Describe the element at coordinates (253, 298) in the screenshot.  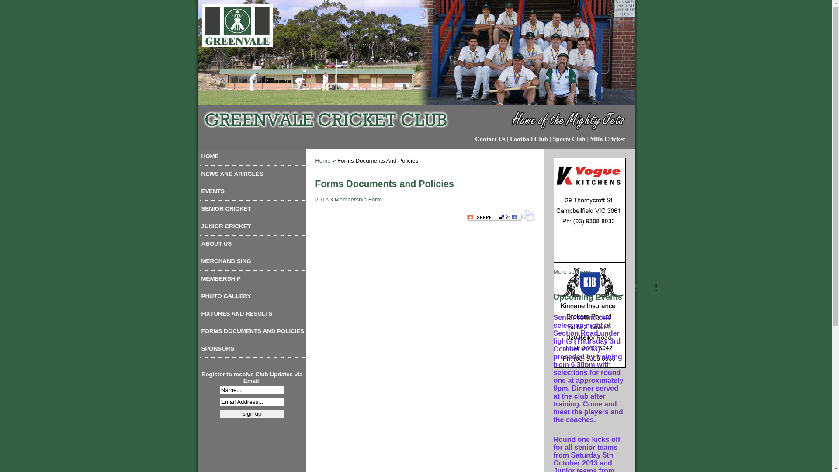
I see `'PHOTO GALLERY'` at that location.